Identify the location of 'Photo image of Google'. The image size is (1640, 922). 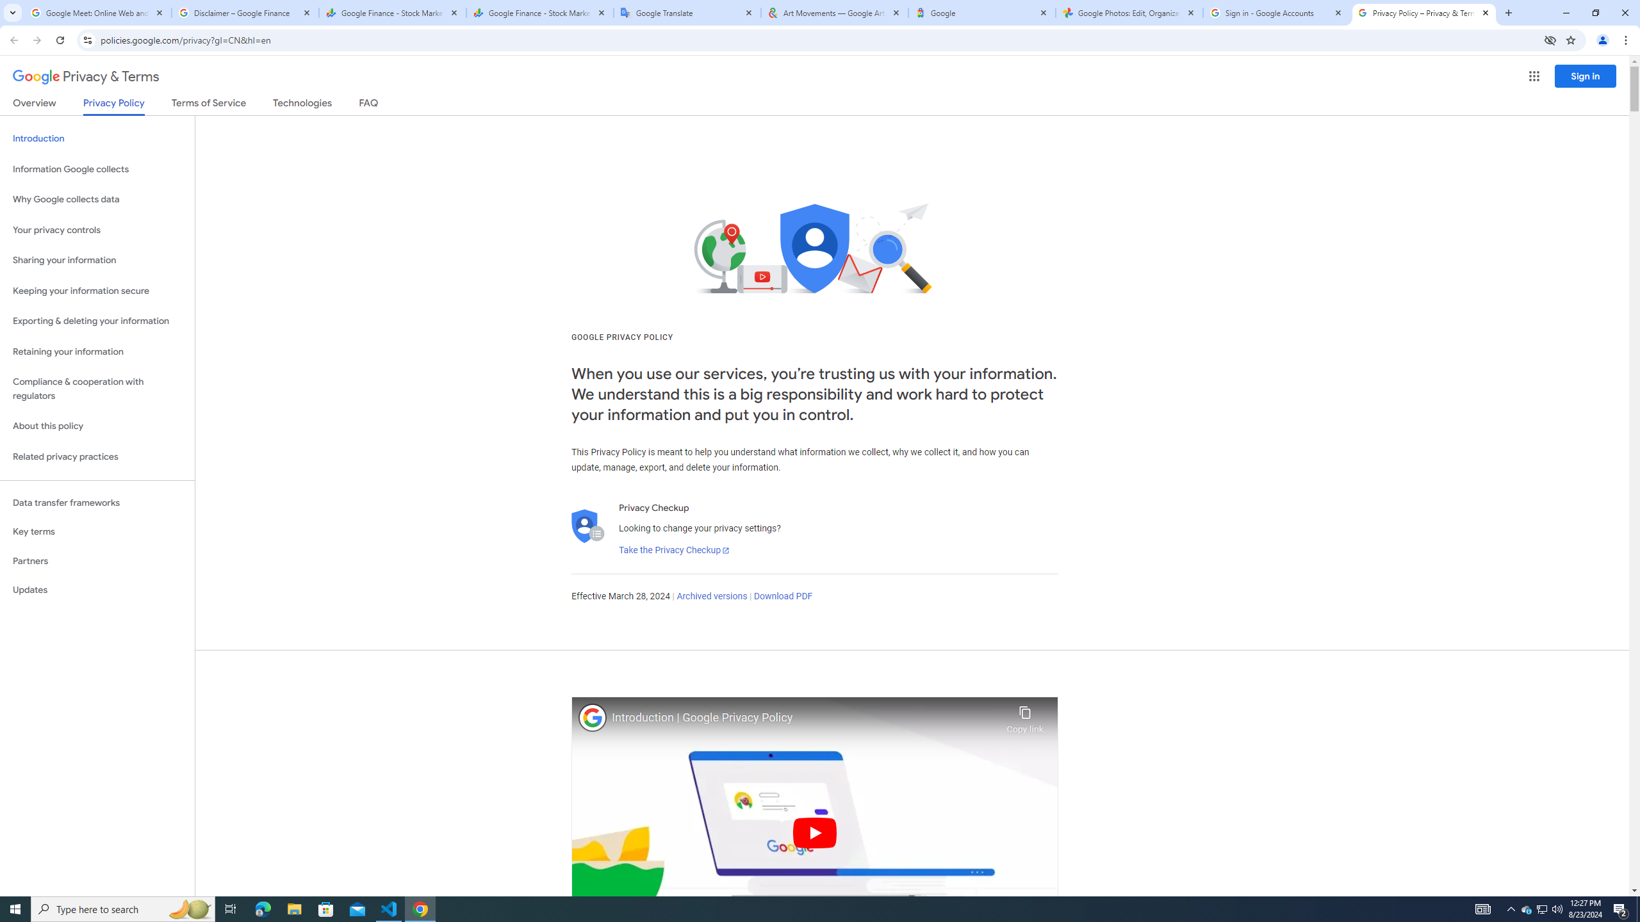
(593, 716).